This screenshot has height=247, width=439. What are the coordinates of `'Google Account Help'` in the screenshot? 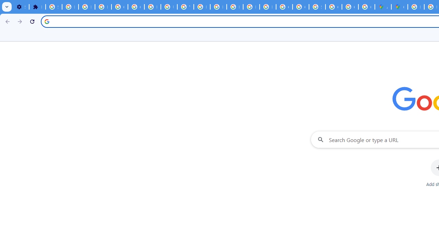 It's located at (136, 7).